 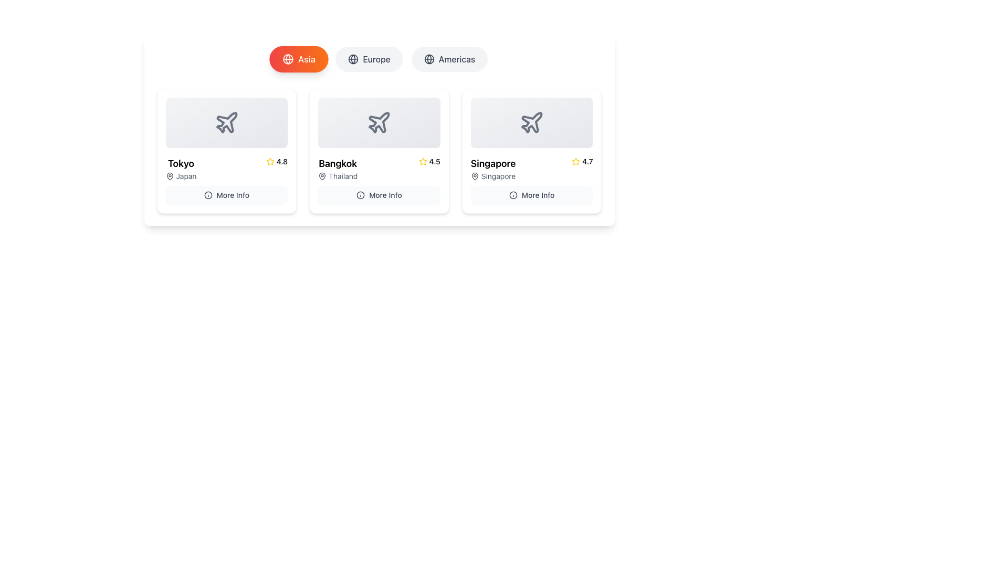 I want to click on the central circular element within the 'info' icon located below the 'Singapore' card and near the 'More Info' text, so click(x=208, y=195).